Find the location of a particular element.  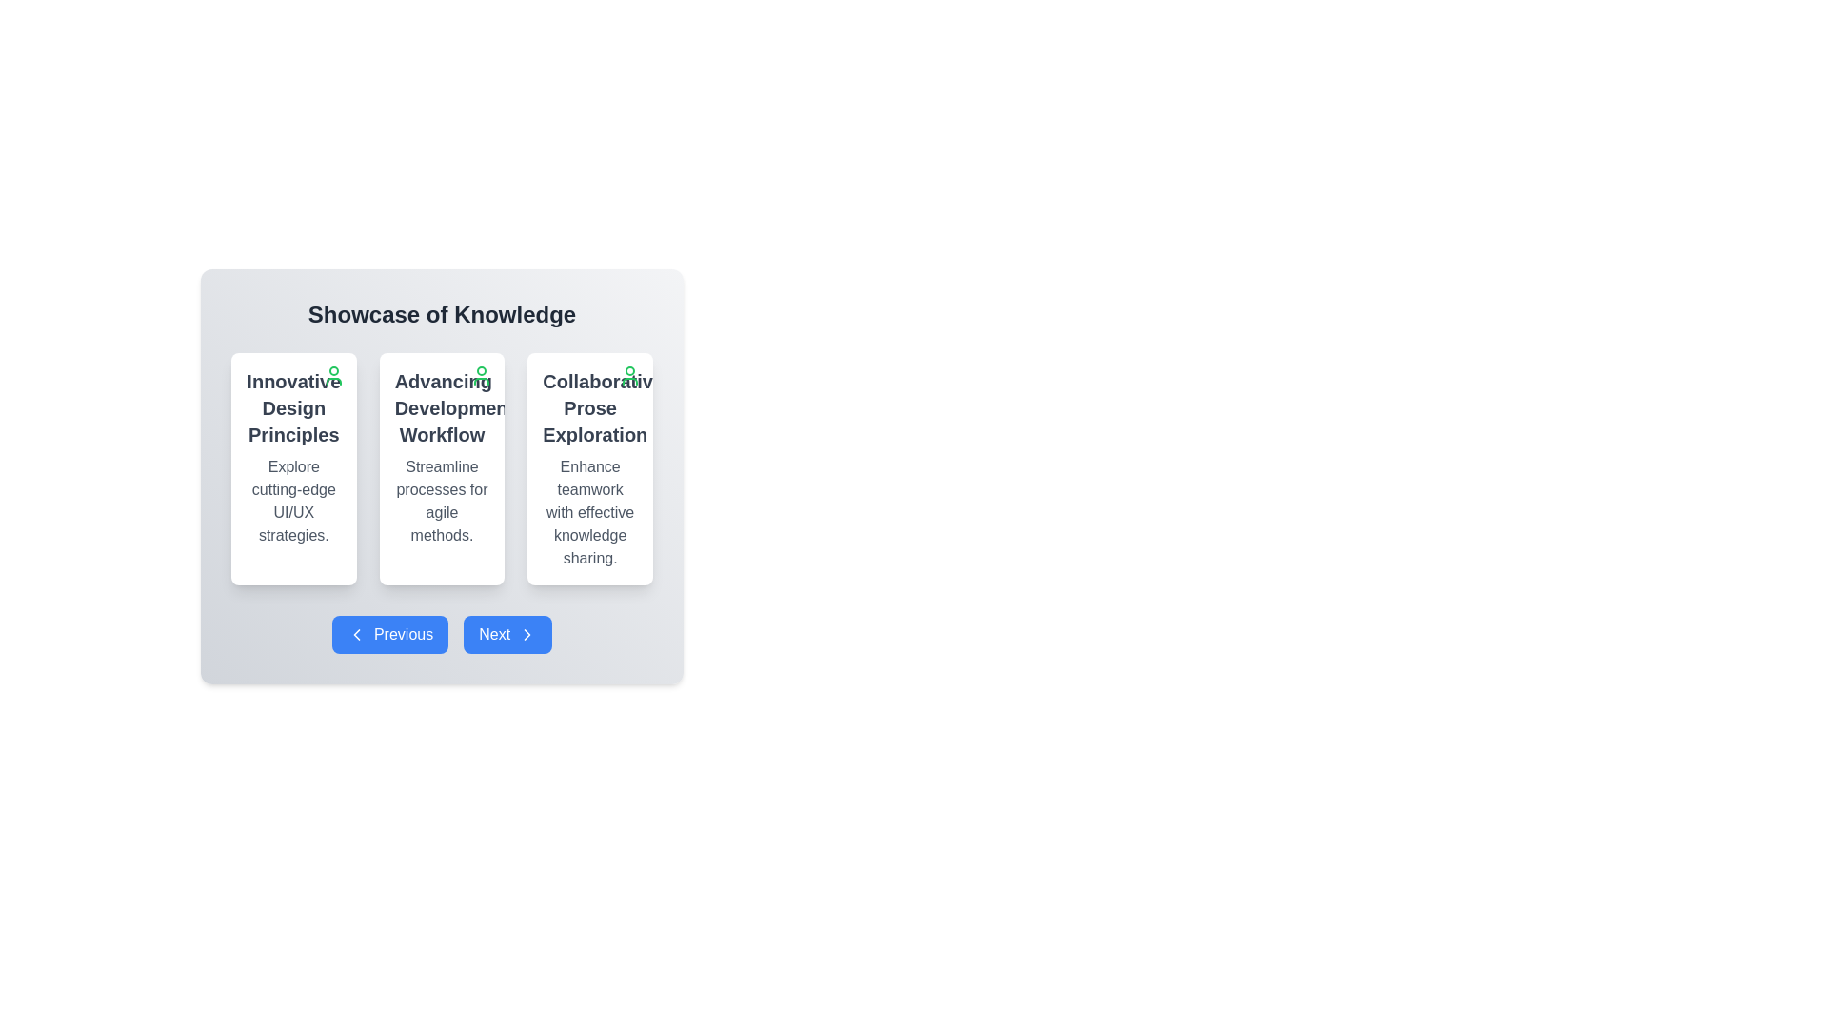

the text label that reads 'Collaborative Prose Exploration', which is prominently displayed in the third card of a horizontal layout with a bold font style and dark gray color is located at coordinates (589, 406).